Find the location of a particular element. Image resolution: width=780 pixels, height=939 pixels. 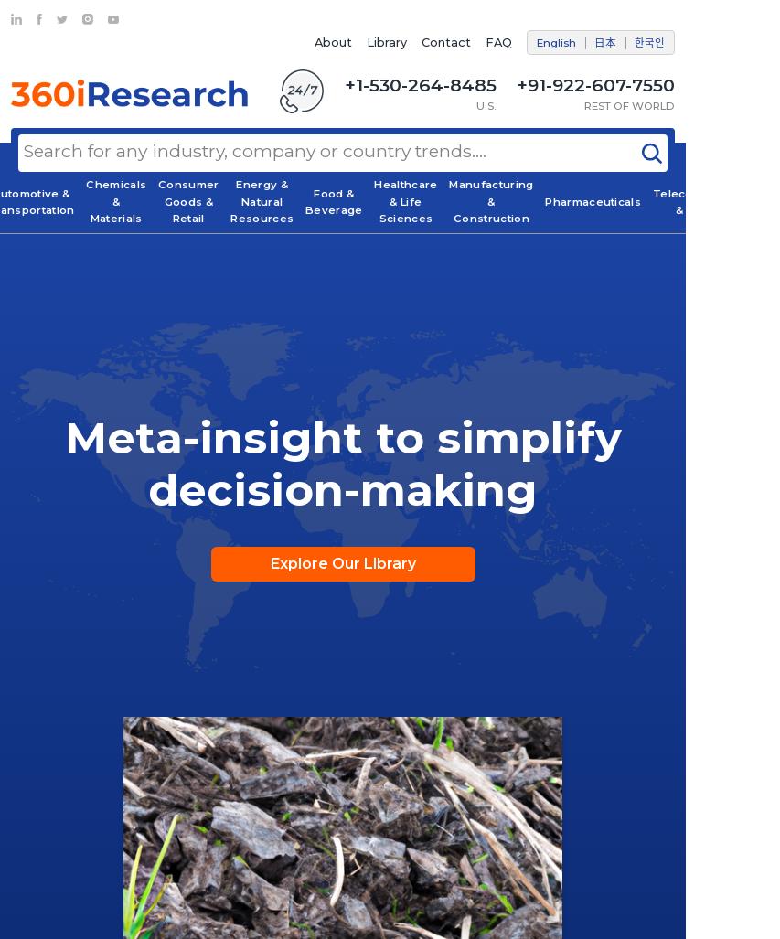

'Explore Our Library' is located at coordinates (342, 563).